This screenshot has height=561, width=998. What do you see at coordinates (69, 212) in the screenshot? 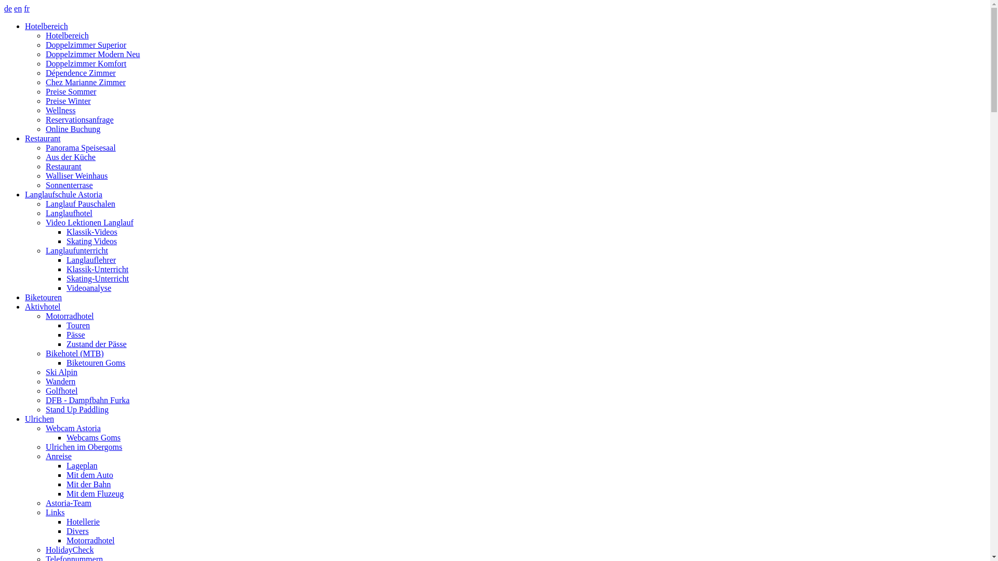
I see `'Langlaufhotel'` at bounding box center [69, 212].